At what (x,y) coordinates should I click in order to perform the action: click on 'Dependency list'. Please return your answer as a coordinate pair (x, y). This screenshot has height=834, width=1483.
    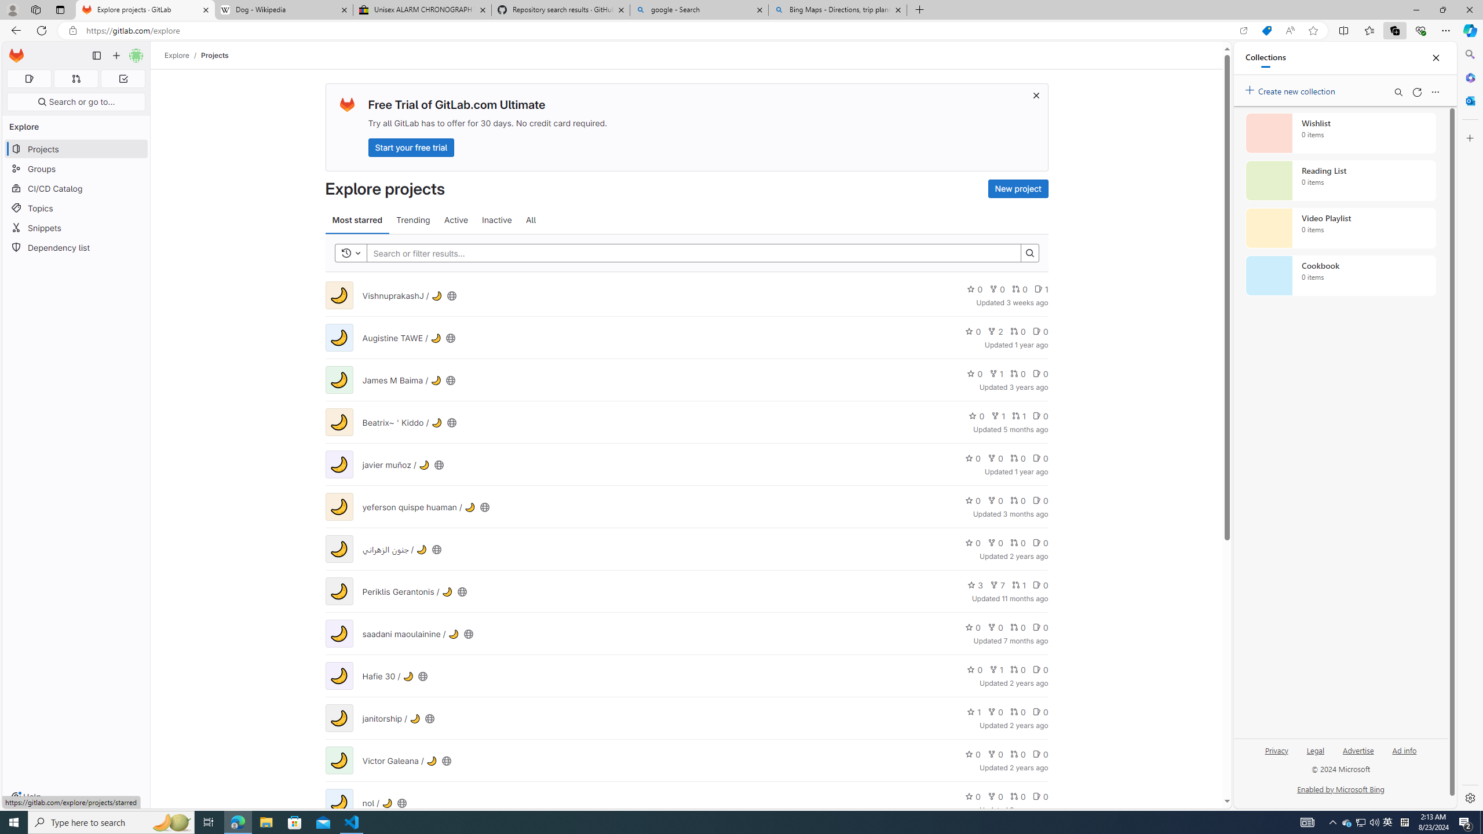
    Looking at the image, I should click on (75, 246).